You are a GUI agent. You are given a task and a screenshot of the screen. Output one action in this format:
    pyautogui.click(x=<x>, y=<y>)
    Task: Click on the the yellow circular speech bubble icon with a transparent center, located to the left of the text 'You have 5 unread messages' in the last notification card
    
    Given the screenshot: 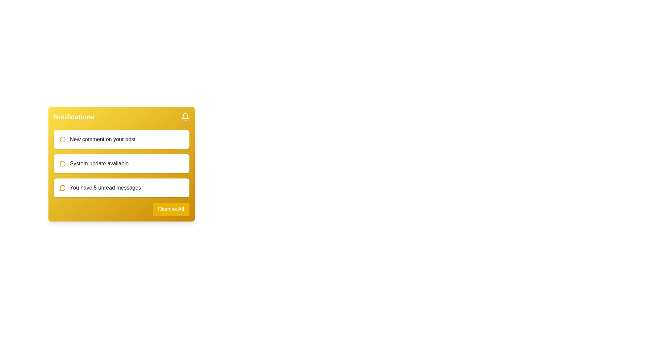 What is the action you would take?
    pyautogui.click(x=63, y=188)
    